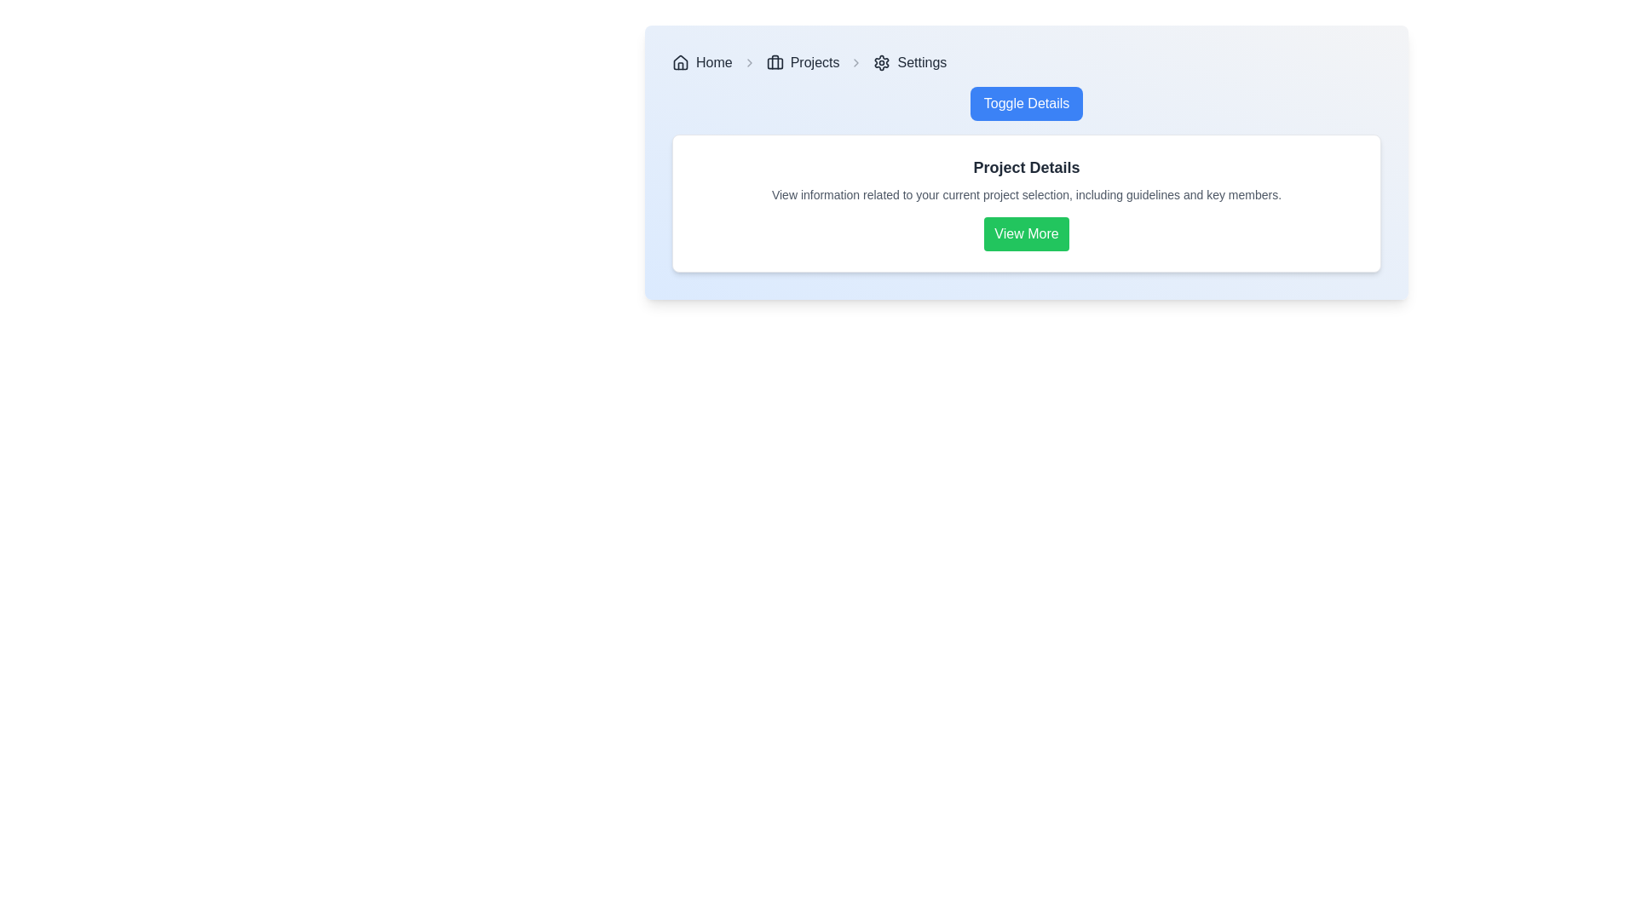 Image resolution: width=1636 pixels, height=920 pixels. What do you see at coordinates (774, 61) in the screenshot?
I see `the 'Projects' SVG icon in the breadcrumb navigation bar, which serves as a visual representation of the 'Projects' category` at bounding box center [774, 61].